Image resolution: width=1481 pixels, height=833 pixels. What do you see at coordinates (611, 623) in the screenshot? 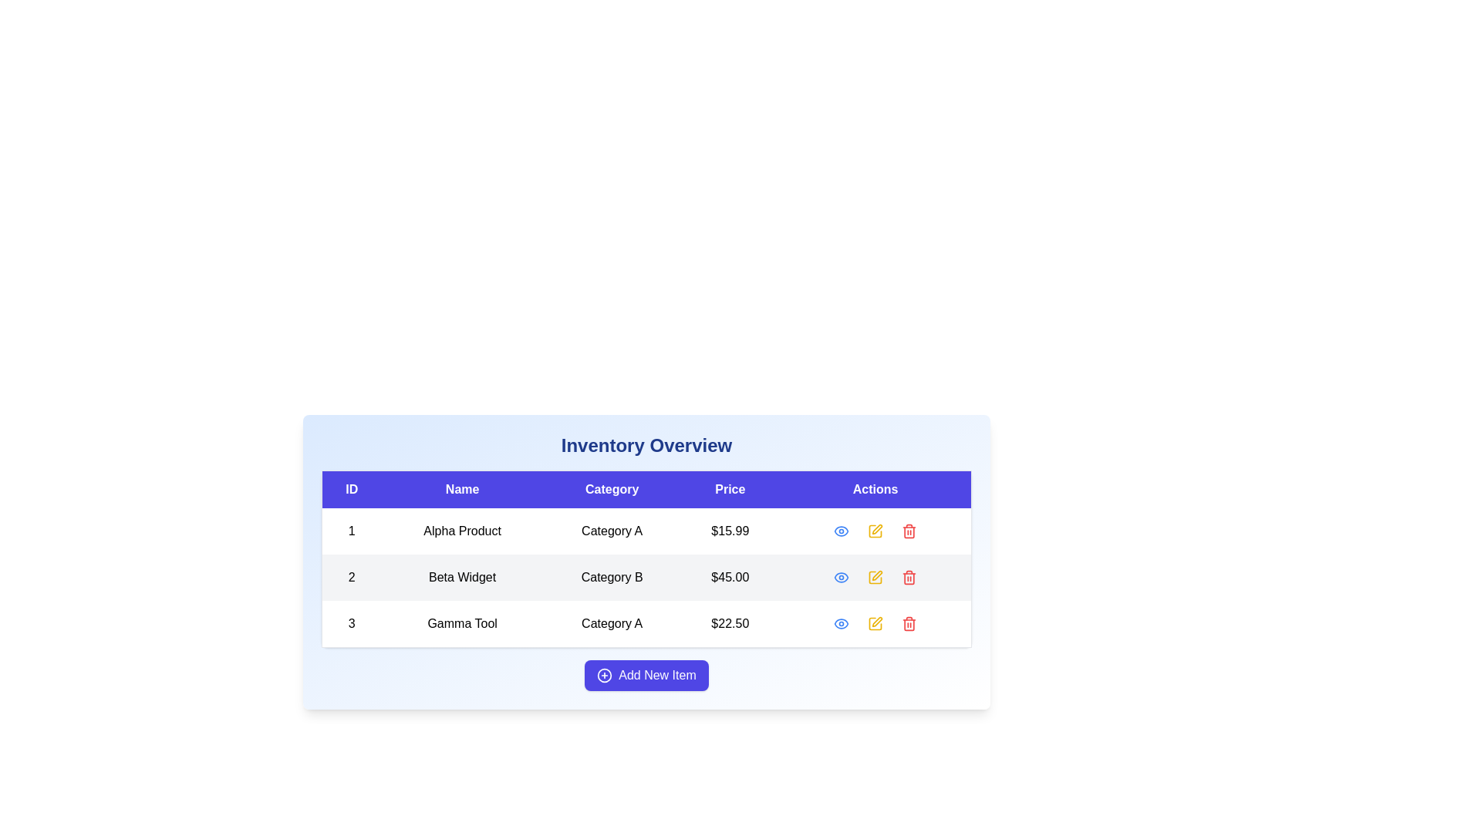
I see `the Text Label in the 'Category' column for the row labeled 'Gamma Tool', which indicates the category of the item` at bounding box center [611, 623].